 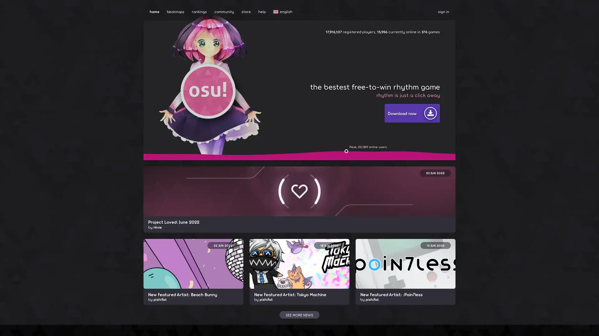 I want to click on turkce, so click(x=292, y=225).